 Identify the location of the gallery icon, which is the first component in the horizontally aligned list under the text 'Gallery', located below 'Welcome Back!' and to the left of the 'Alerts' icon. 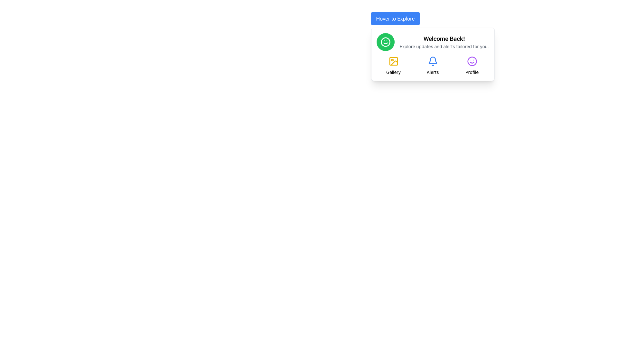
(393, 61).